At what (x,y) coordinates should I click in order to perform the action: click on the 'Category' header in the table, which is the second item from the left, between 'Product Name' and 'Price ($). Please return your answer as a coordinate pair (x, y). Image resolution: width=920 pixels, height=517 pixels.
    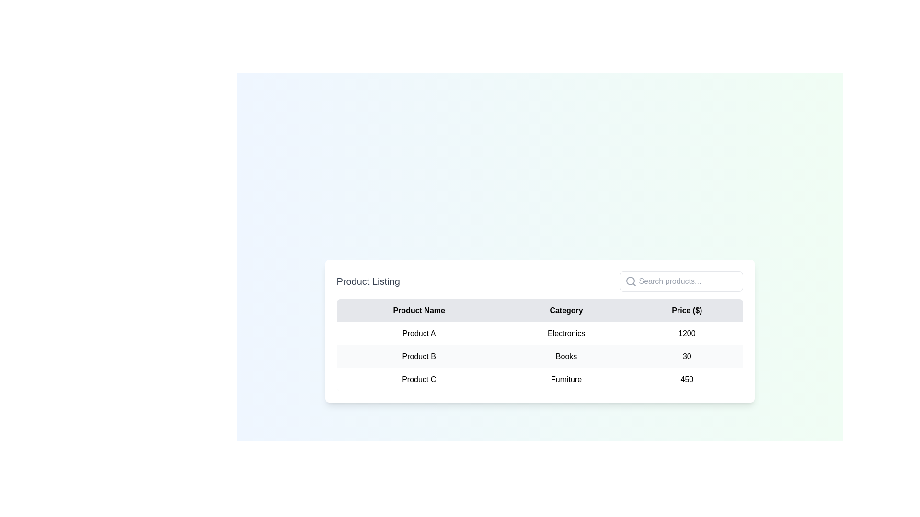
    Looking at the image, I should click on (566, 310).